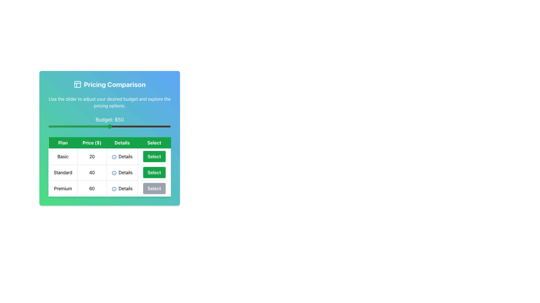  I want to click on the rightmost button in the first row of the pricing comparison table, so click(154, 157).